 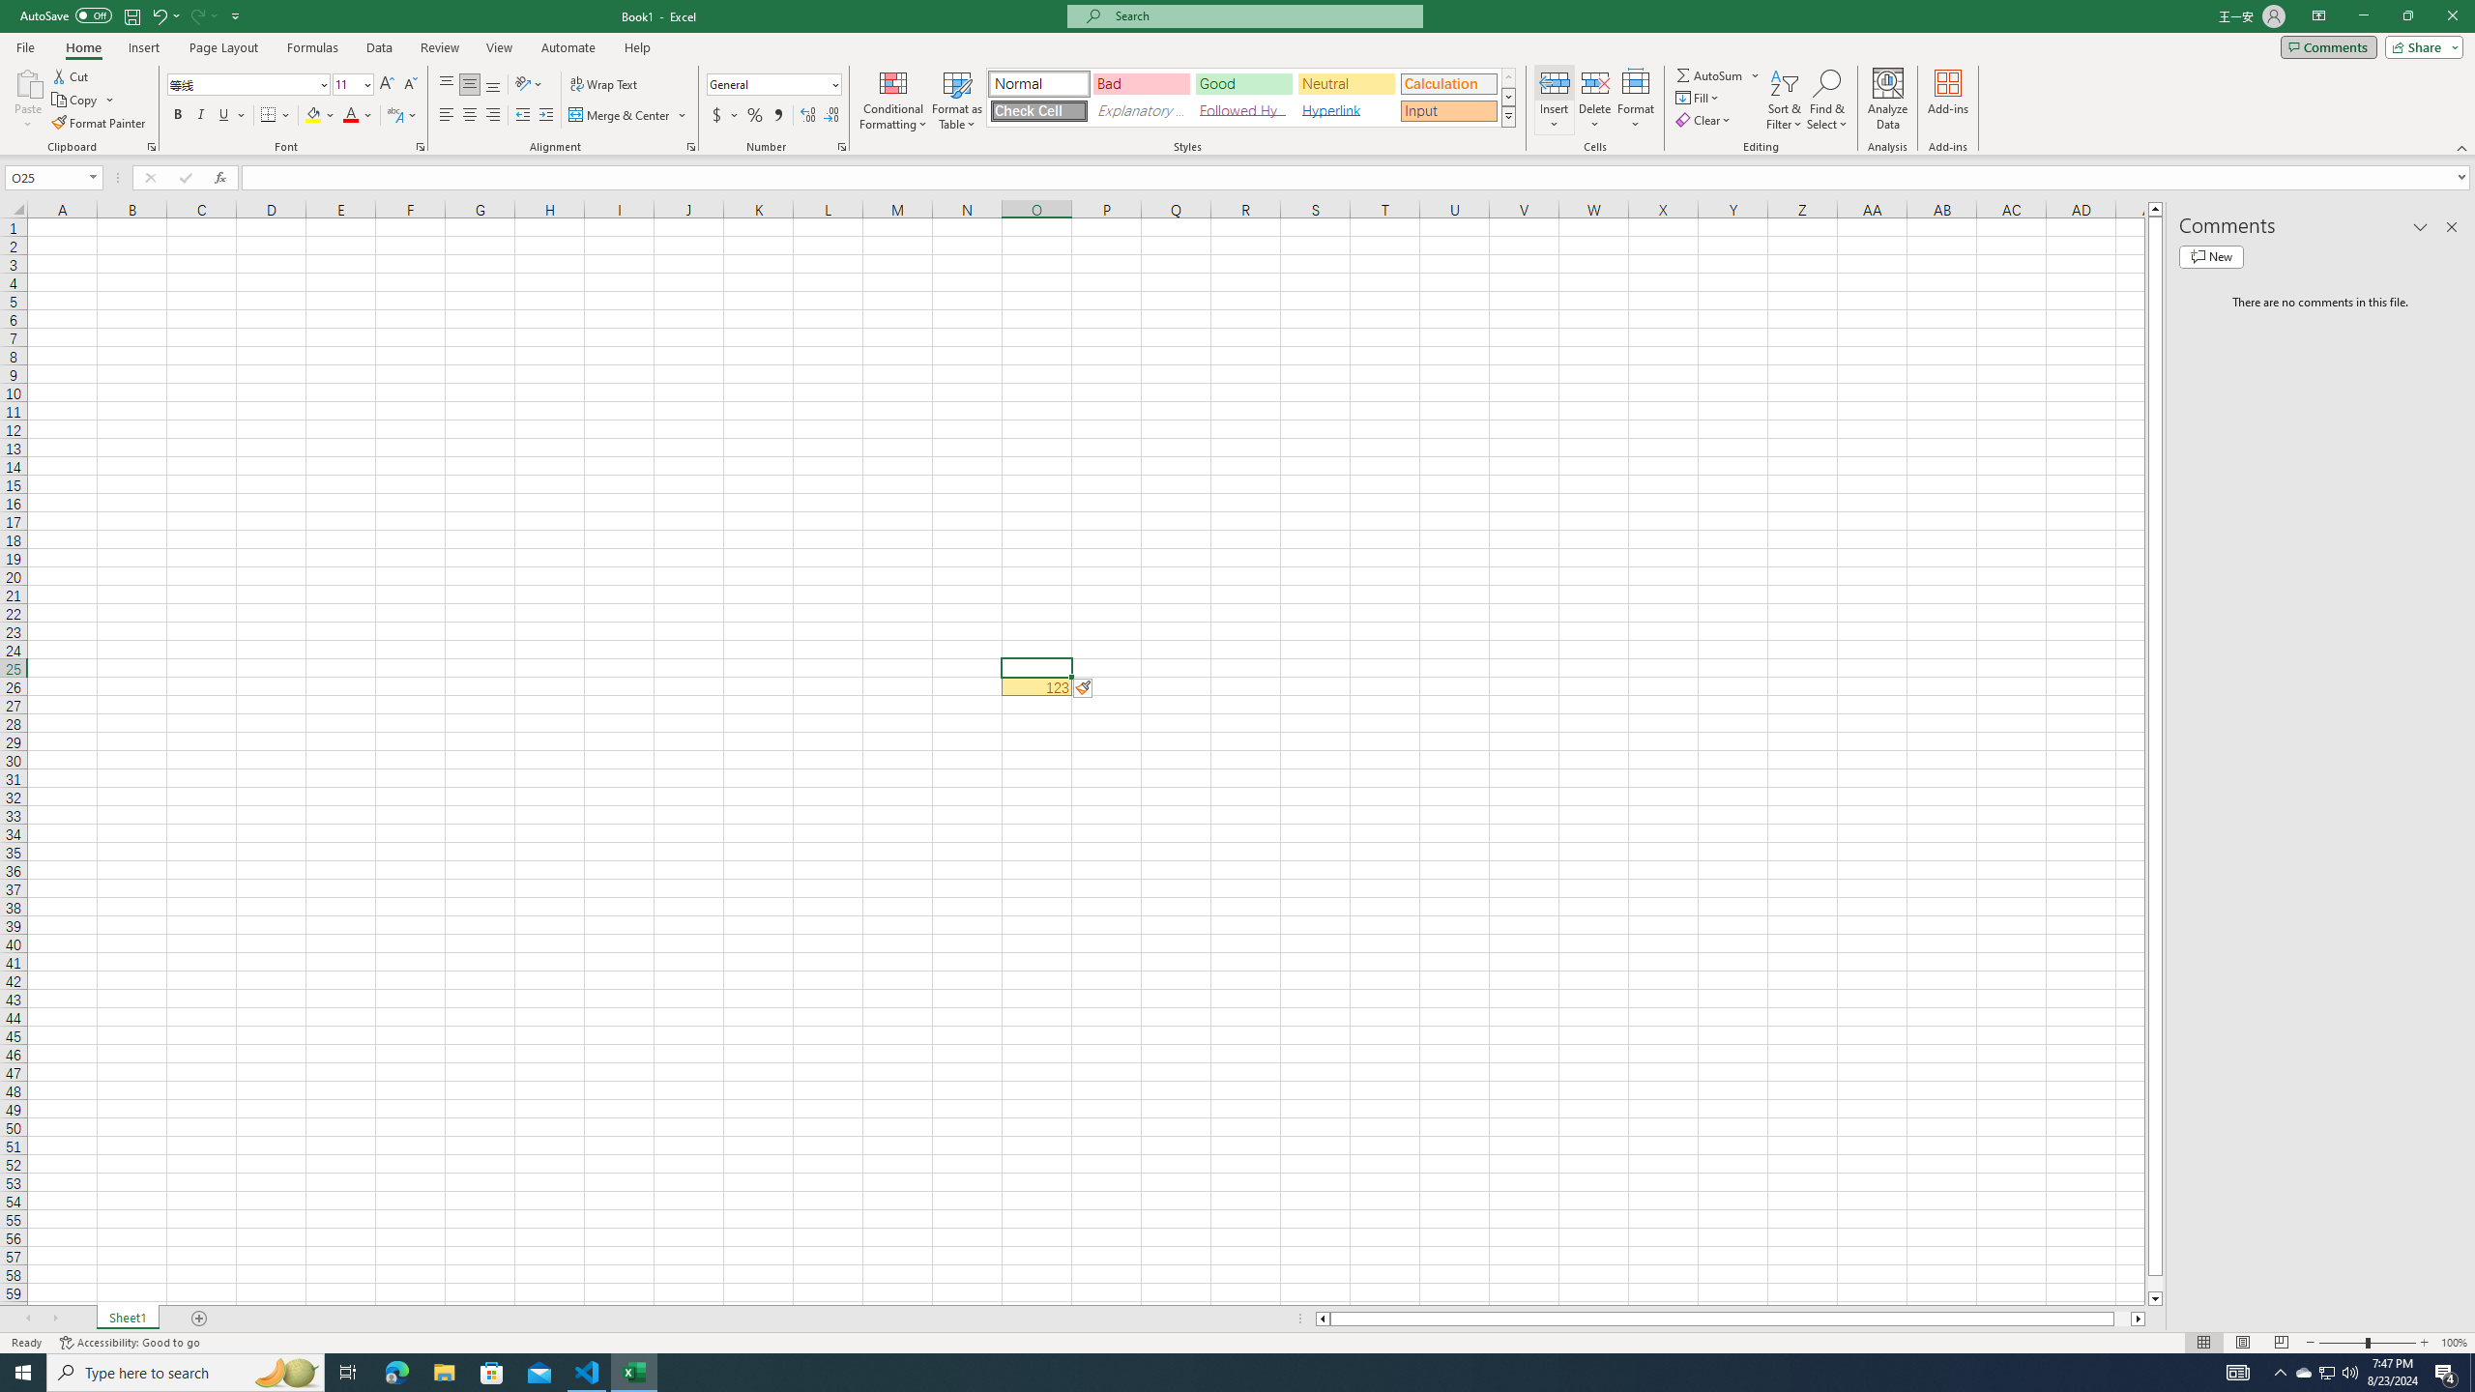 I want to click on 'Fill Color RGB(255, 255, 0)', so click(x=311, y=114).